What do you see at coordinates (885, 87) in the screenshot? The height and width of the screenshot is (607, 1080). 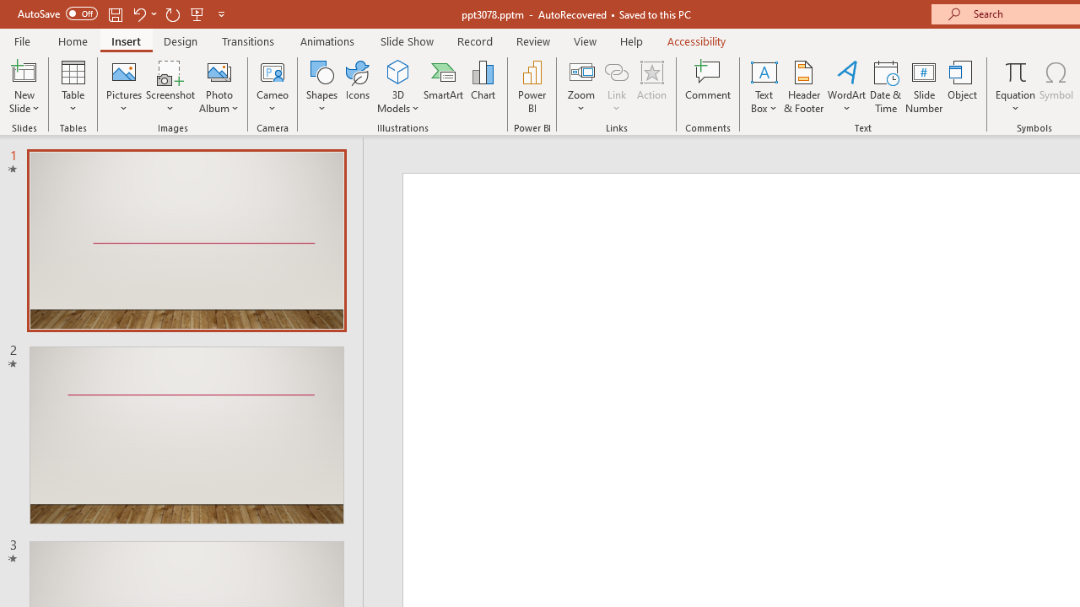 I see `'Date & Time...'` at bounding box center [885, 87].